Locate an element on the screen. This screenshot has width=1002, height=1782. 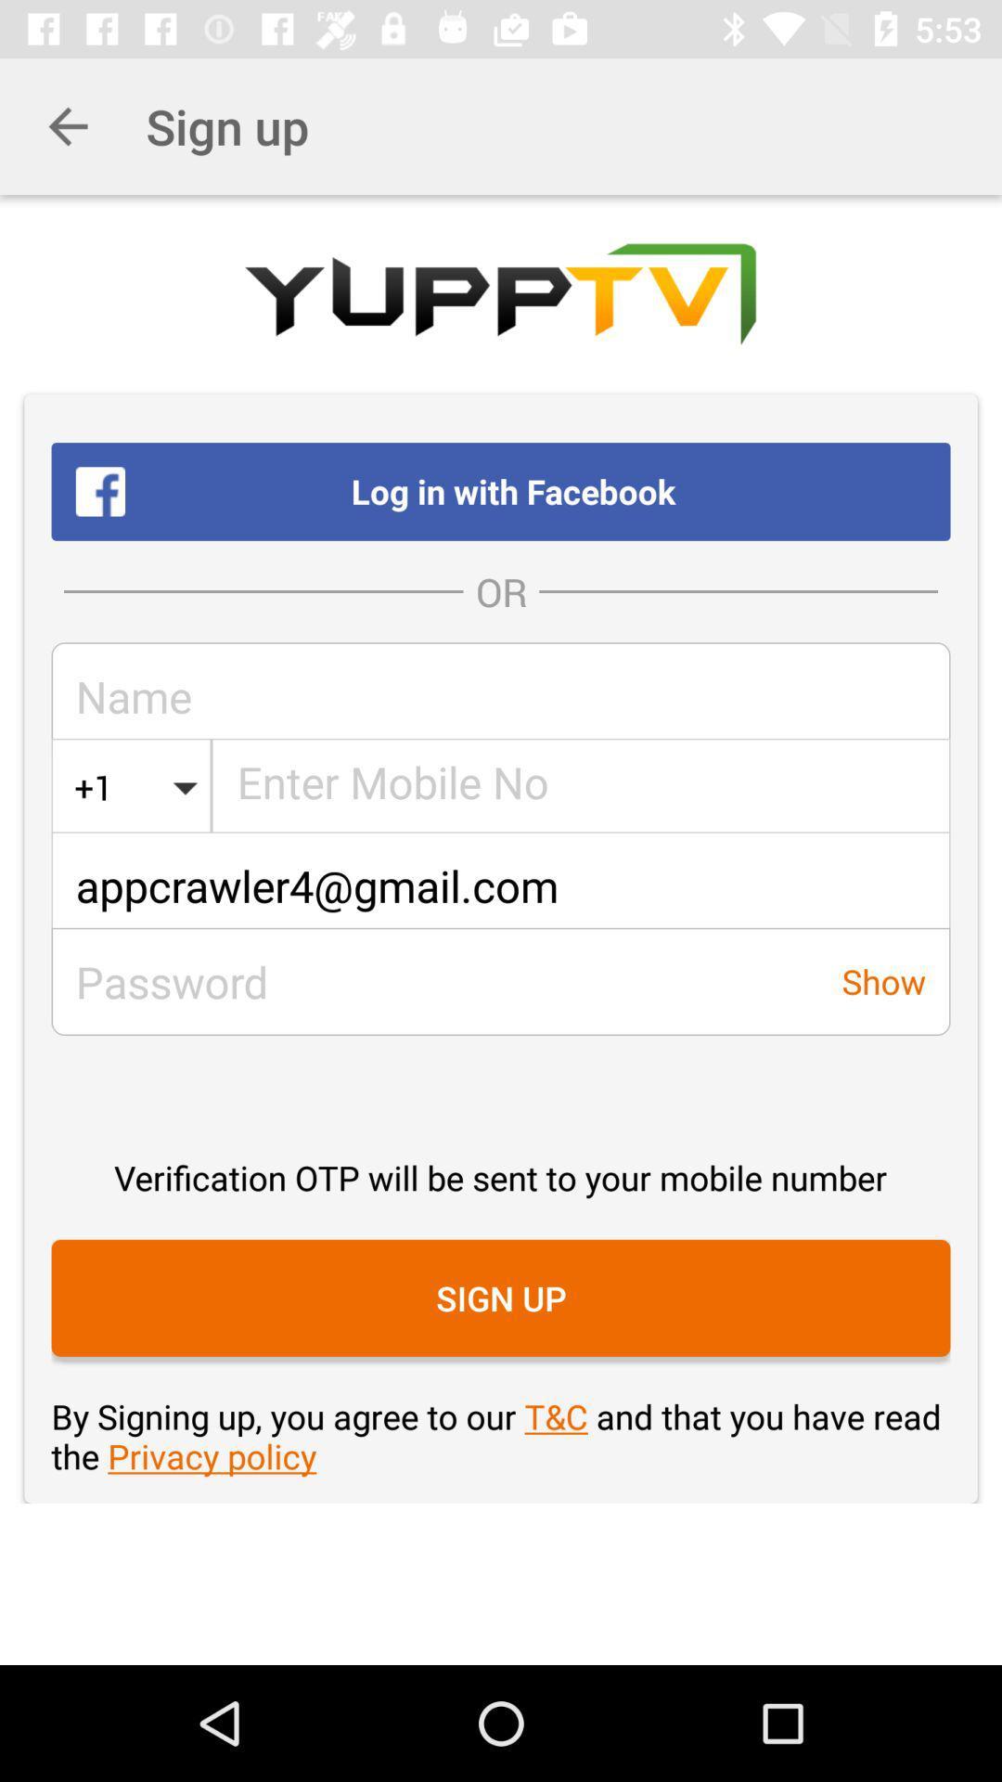
search bar is located at coordinates (581, 787).